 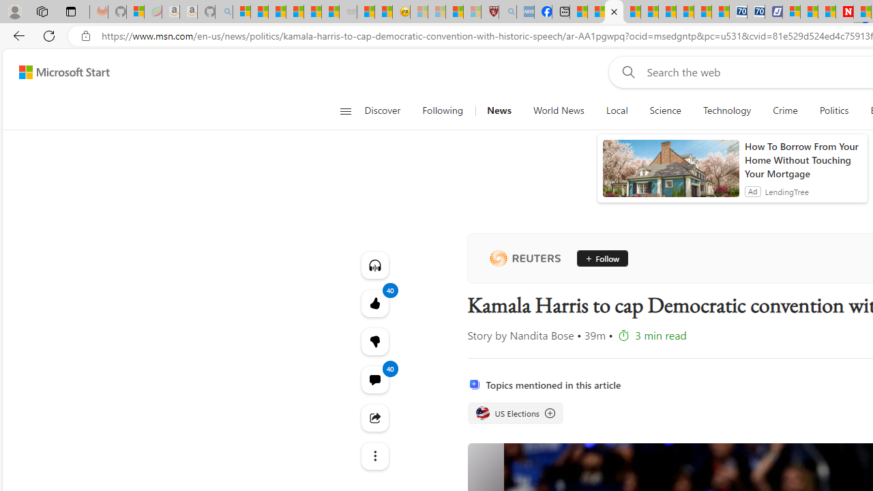 I want to click on 'News', so click(x=498, y=110).